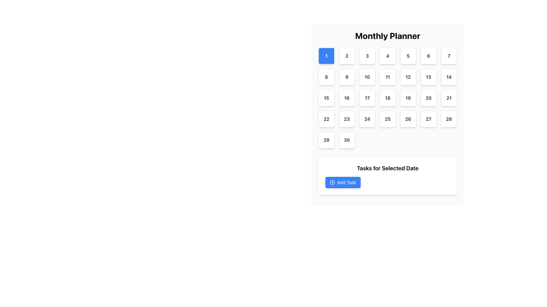 The height and width of the screenshot is (307, 547). Describe the element at coordinates (387, 77) in the screenshot. I see `the button labeled '11' in the calendar grid` at that location.